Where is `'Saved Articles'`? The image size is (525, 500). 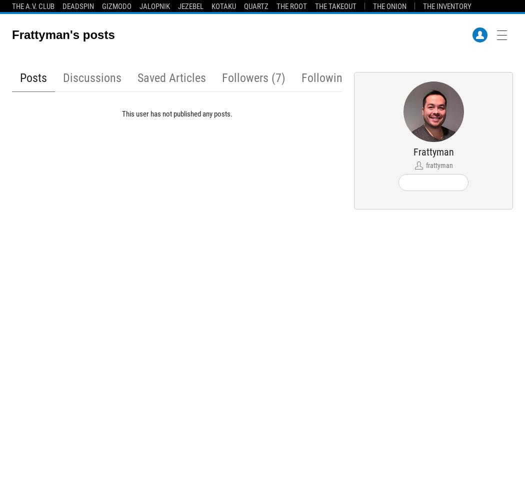 'Saved Articles' is located at coordinates (171, 78).